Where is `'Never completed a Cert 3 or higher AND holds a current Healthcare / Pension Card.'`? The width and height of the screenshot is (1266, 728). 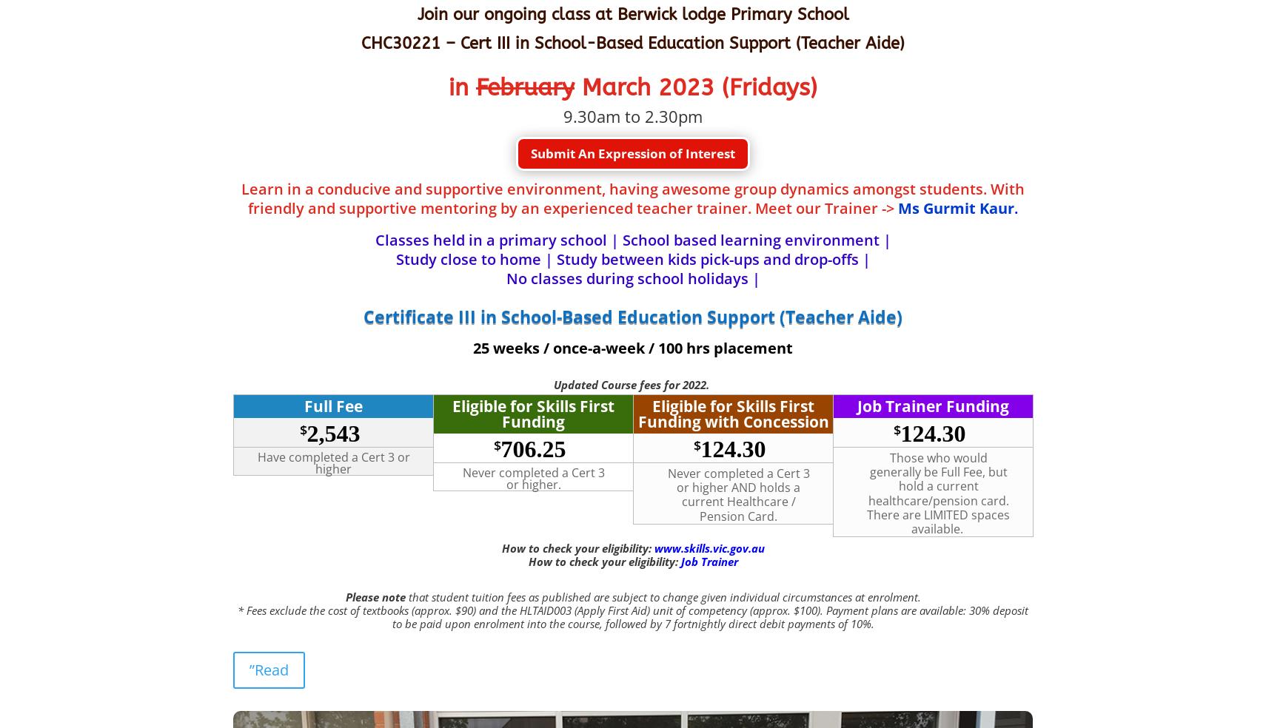 'Never completed a Cert 3 or higher AND holds a current Healthcare / Pension Card.' is located at coordinates (666, 494).